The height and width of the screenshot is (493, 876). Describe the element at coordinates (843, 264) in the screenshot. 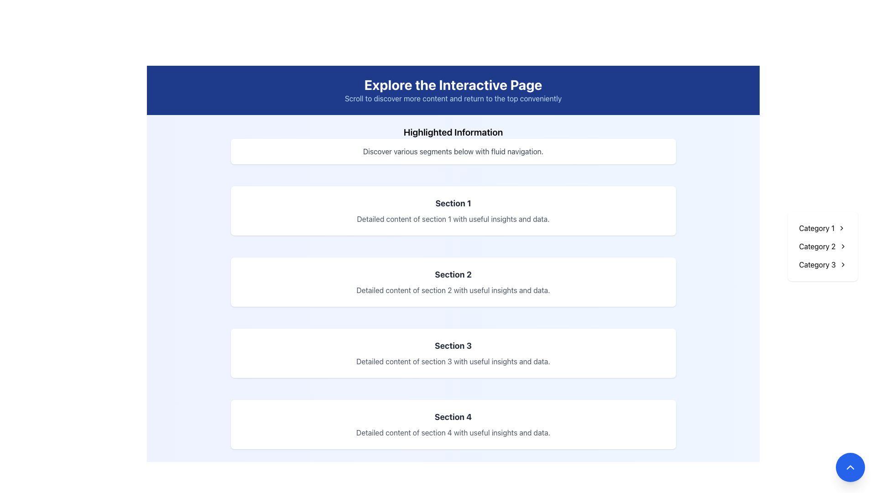

I see `the small right-pointing arrow icon located at the end of the 'Category 3' row` at that location.